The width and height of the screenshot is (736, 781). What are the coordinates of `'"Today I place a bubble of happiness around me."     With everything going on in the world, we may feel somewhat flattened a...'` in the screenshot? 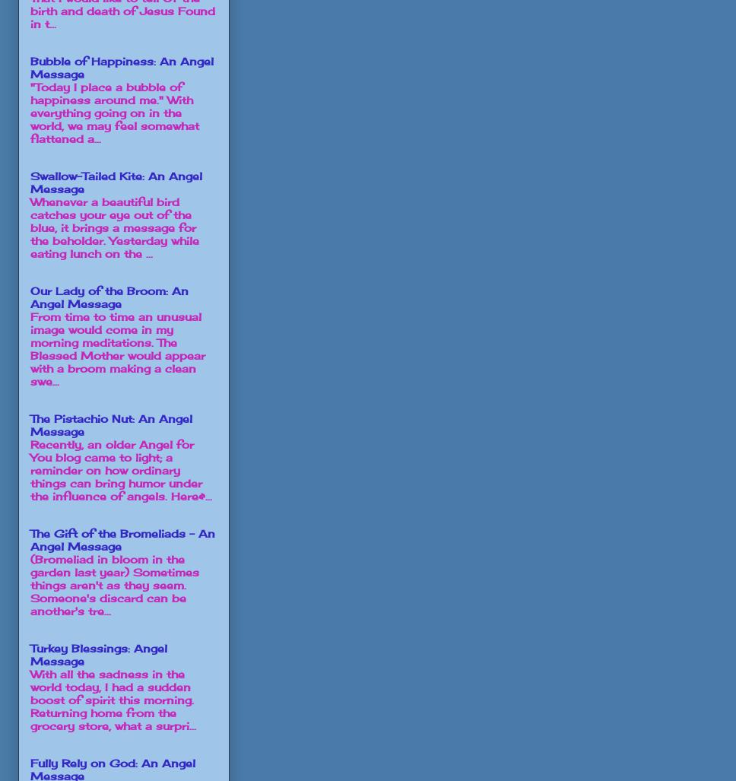 It's located at (114, 113).